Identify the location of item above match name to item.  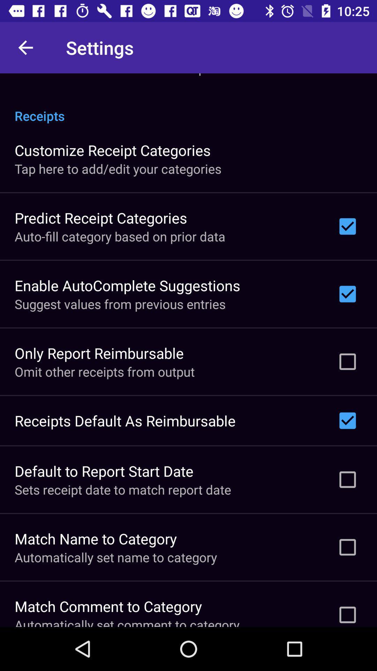
(123, 489).